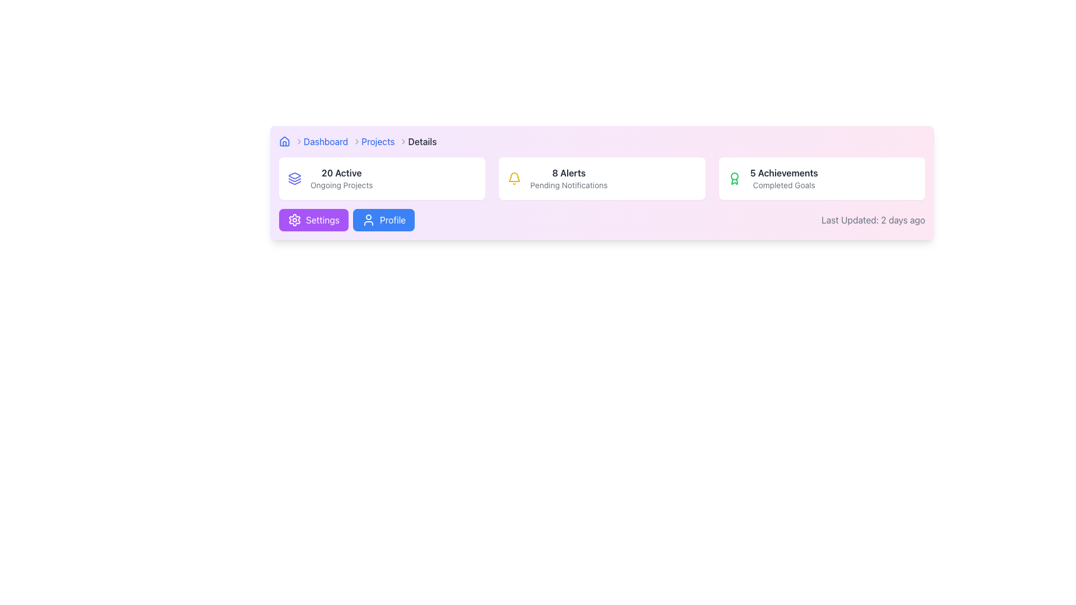 This screenshot has width=1076, height=605. I want to click on the notification icon located in the card labeled '8 Alerts', which is the first icon to the left within the card in the horizontal layout, so click(514, 178).